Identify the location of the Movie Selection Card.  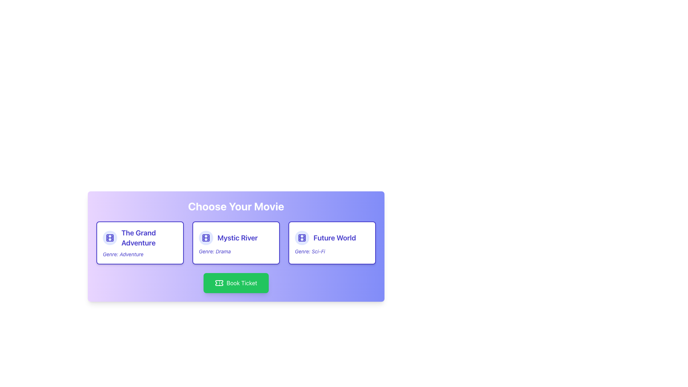
(236, 253).